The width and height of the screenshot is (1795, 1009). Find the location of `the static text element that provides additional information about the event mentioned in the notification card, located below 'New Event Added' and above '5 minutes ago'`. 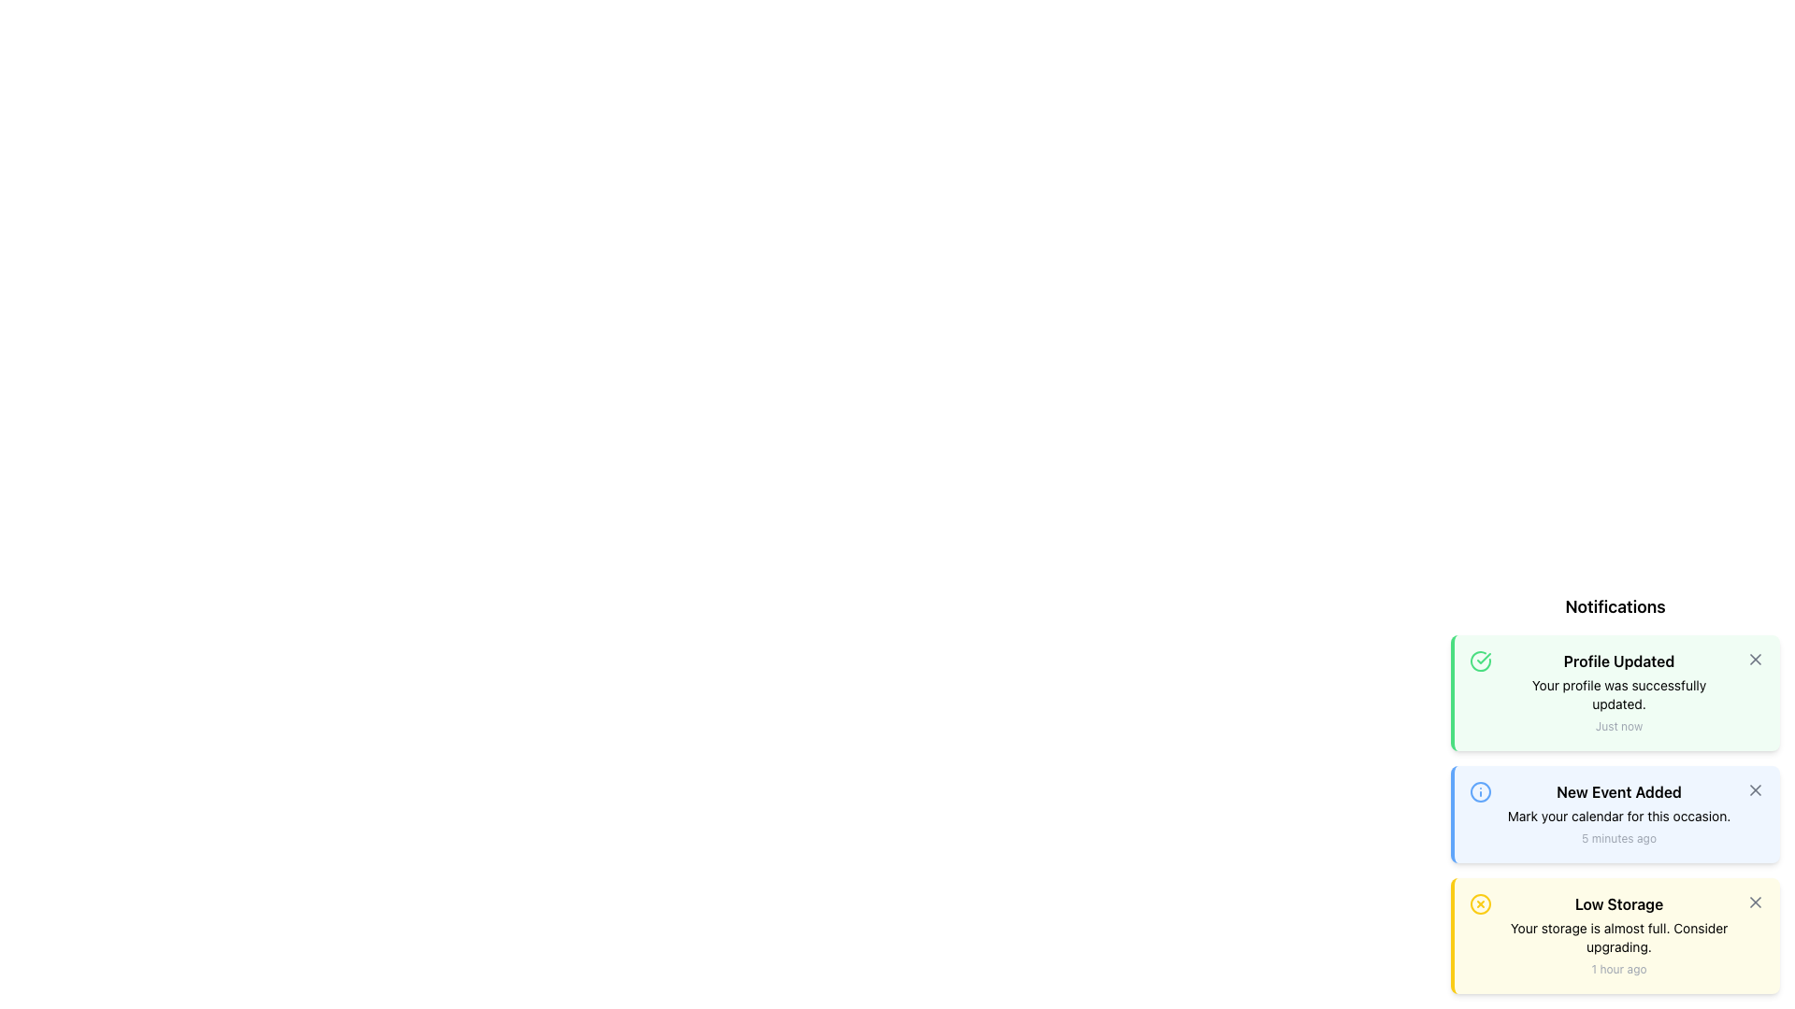

the static text element that provides additional information about the event mentioned in the notification card, located below 'New Event Added' and above '5 minutes ago' is located at coordinates (1618, 816).